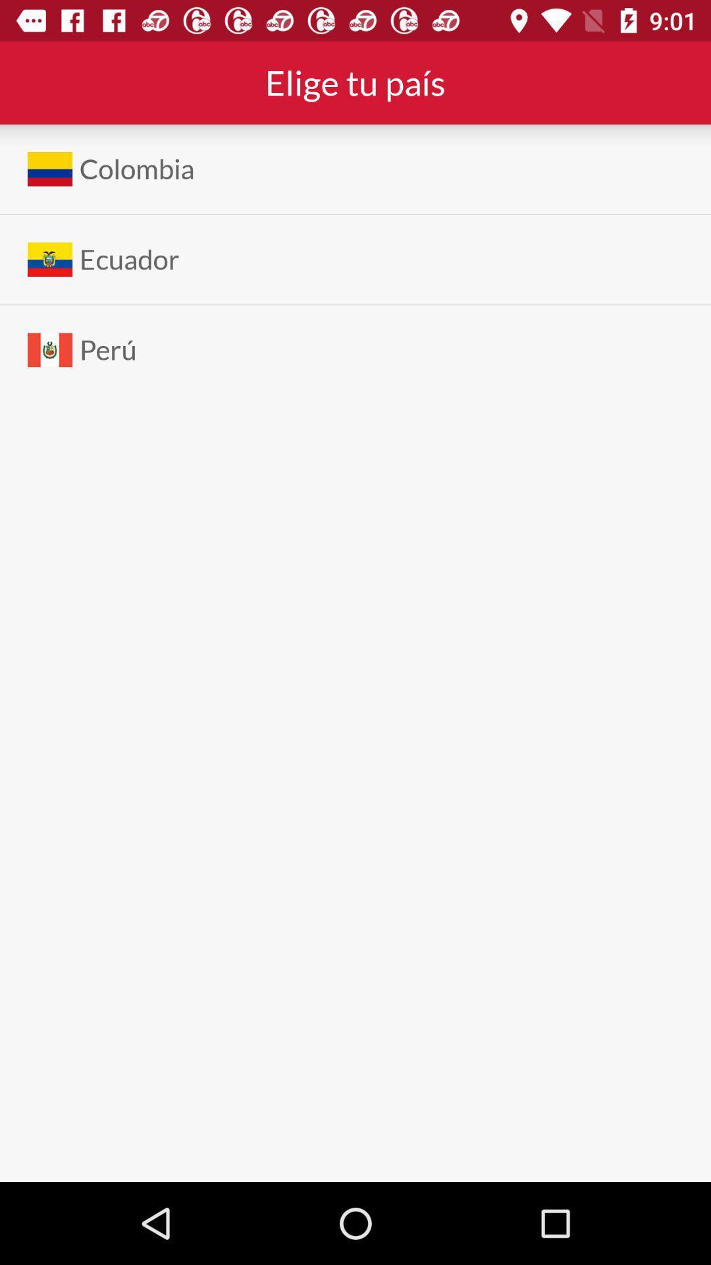 This screenshot has height=1265, width=711. I want to click on the colombia app, so click(137, 168).